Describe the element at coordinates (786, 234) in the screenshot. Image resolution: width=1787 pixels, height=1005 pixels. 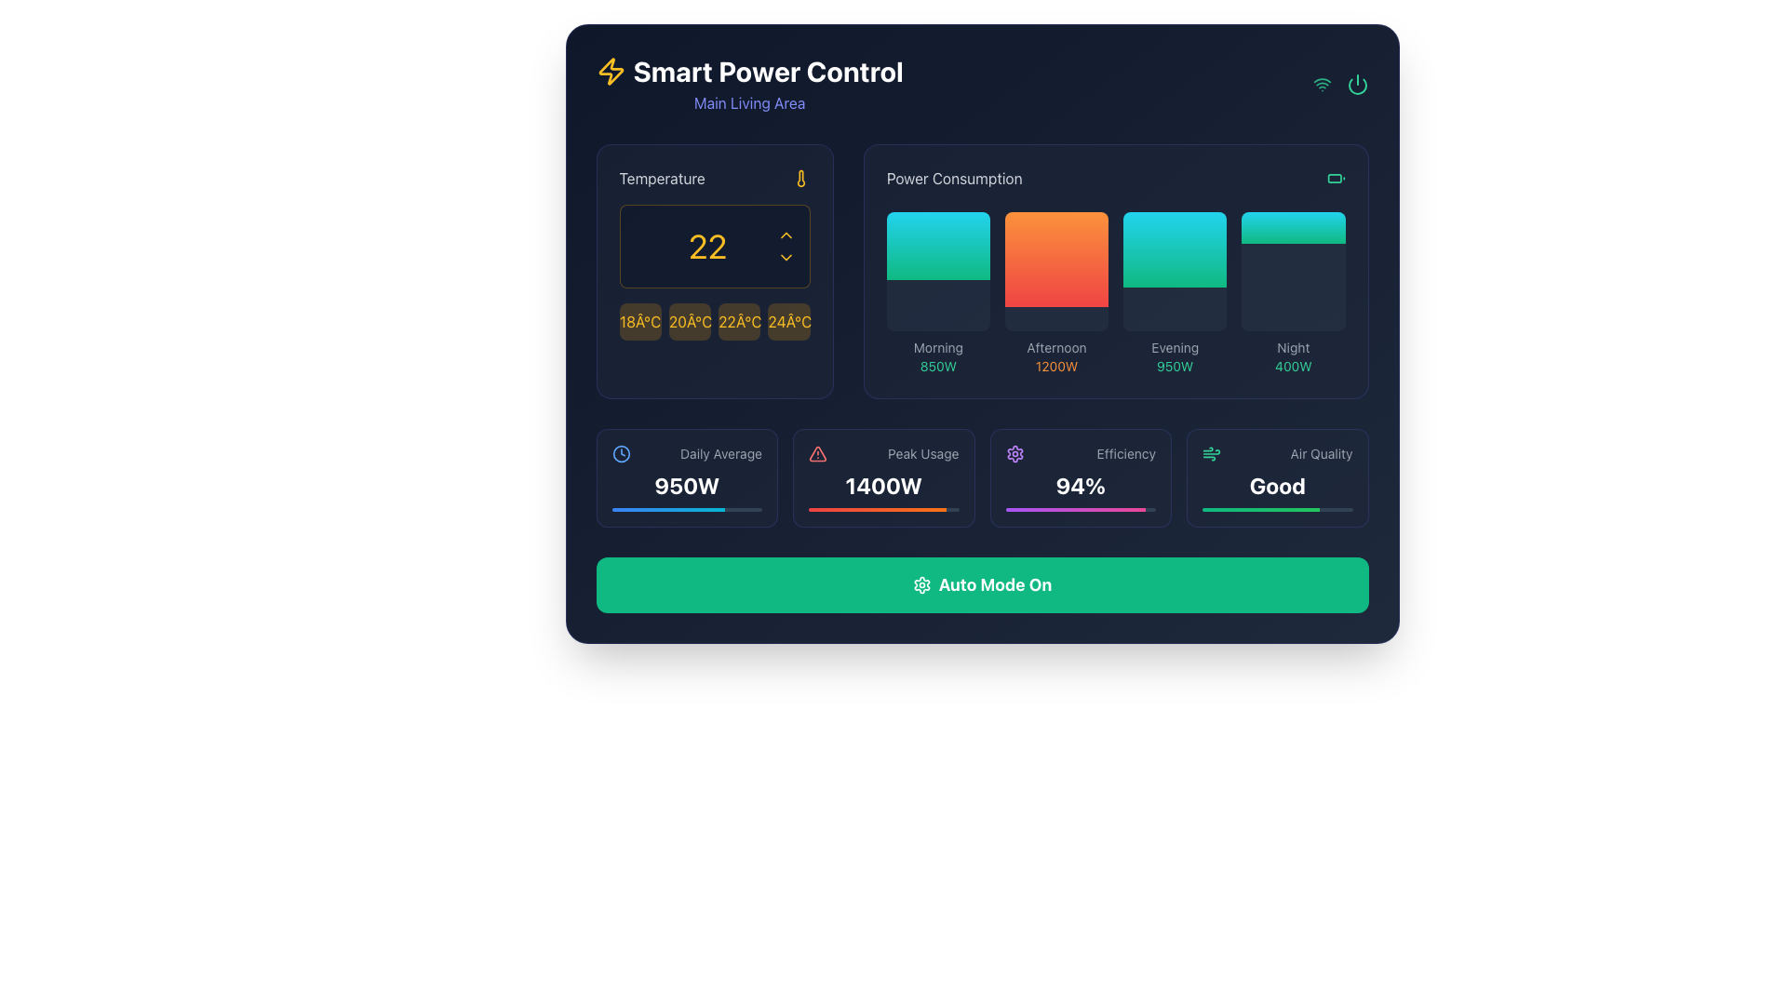
I see `the small golden amber chevron-up button located at the top of the vertical flex column near the temperature control UI to increase a value` at that location.